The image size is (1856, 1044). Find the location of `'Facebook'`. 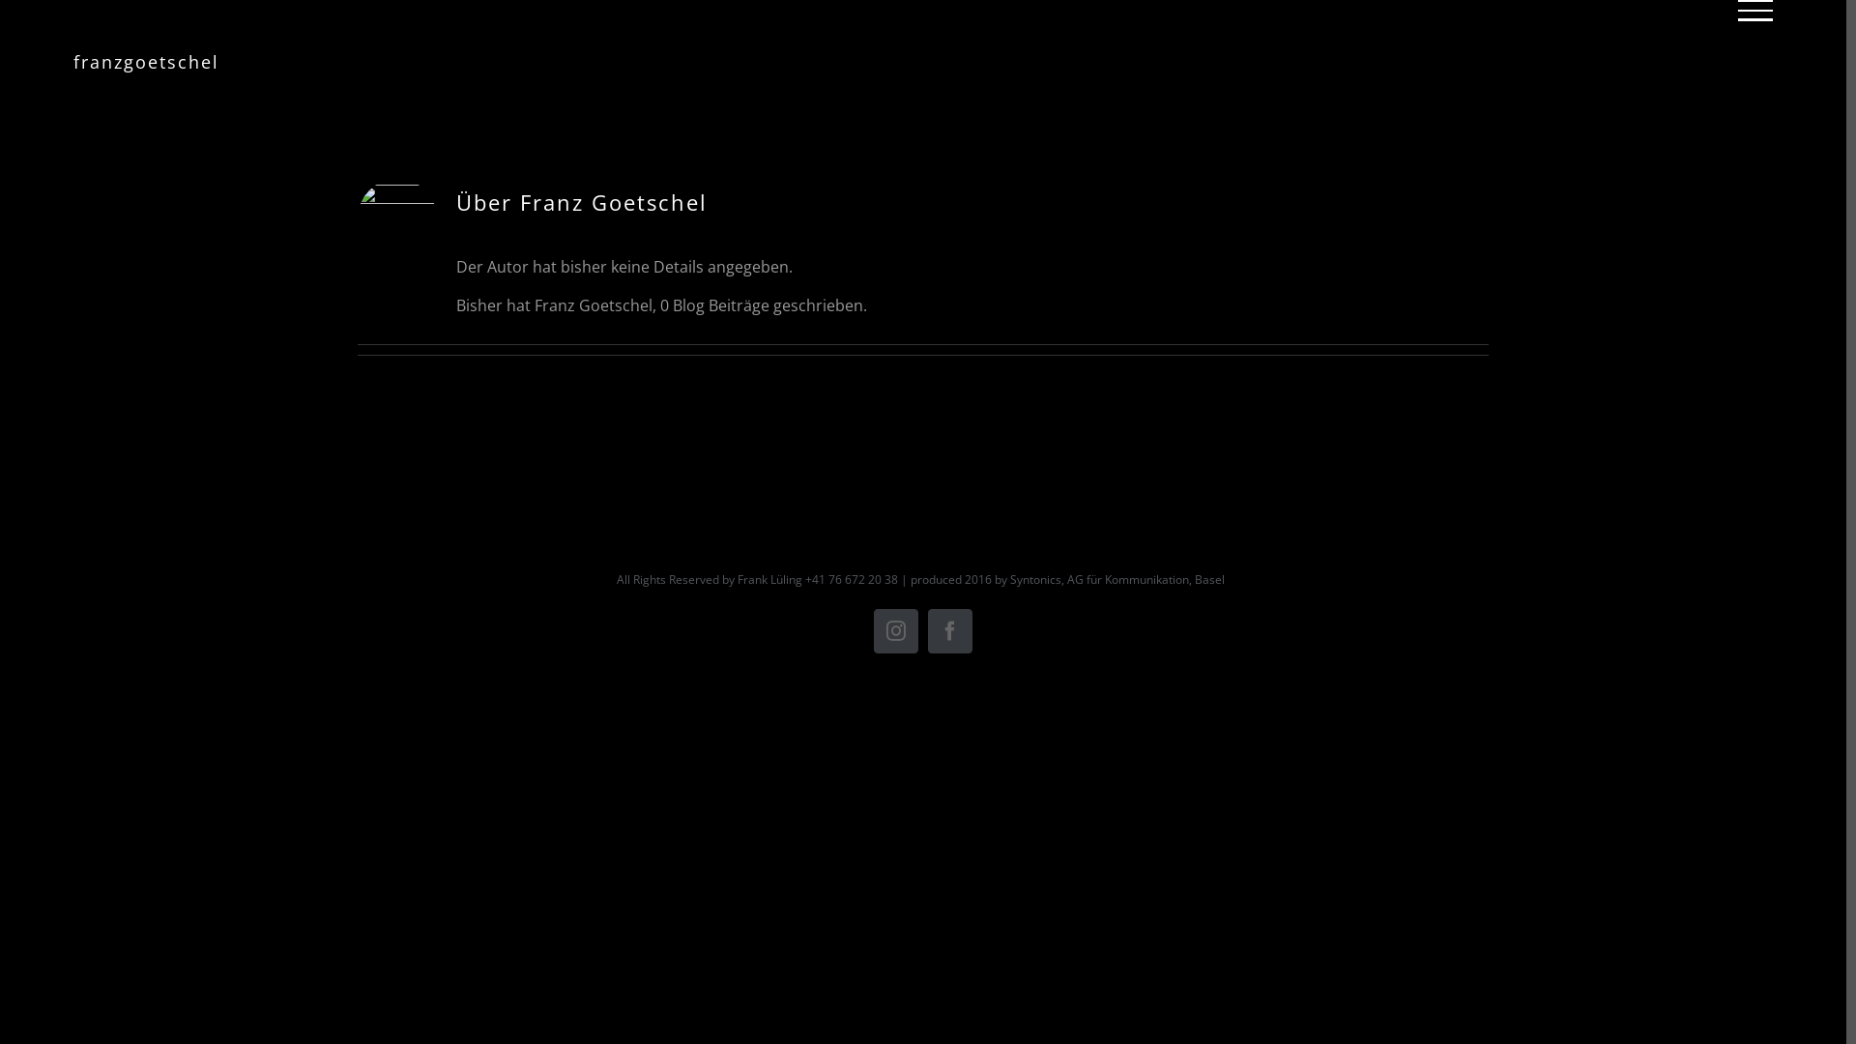

'Facebook' is located at coordinates (950, 630).